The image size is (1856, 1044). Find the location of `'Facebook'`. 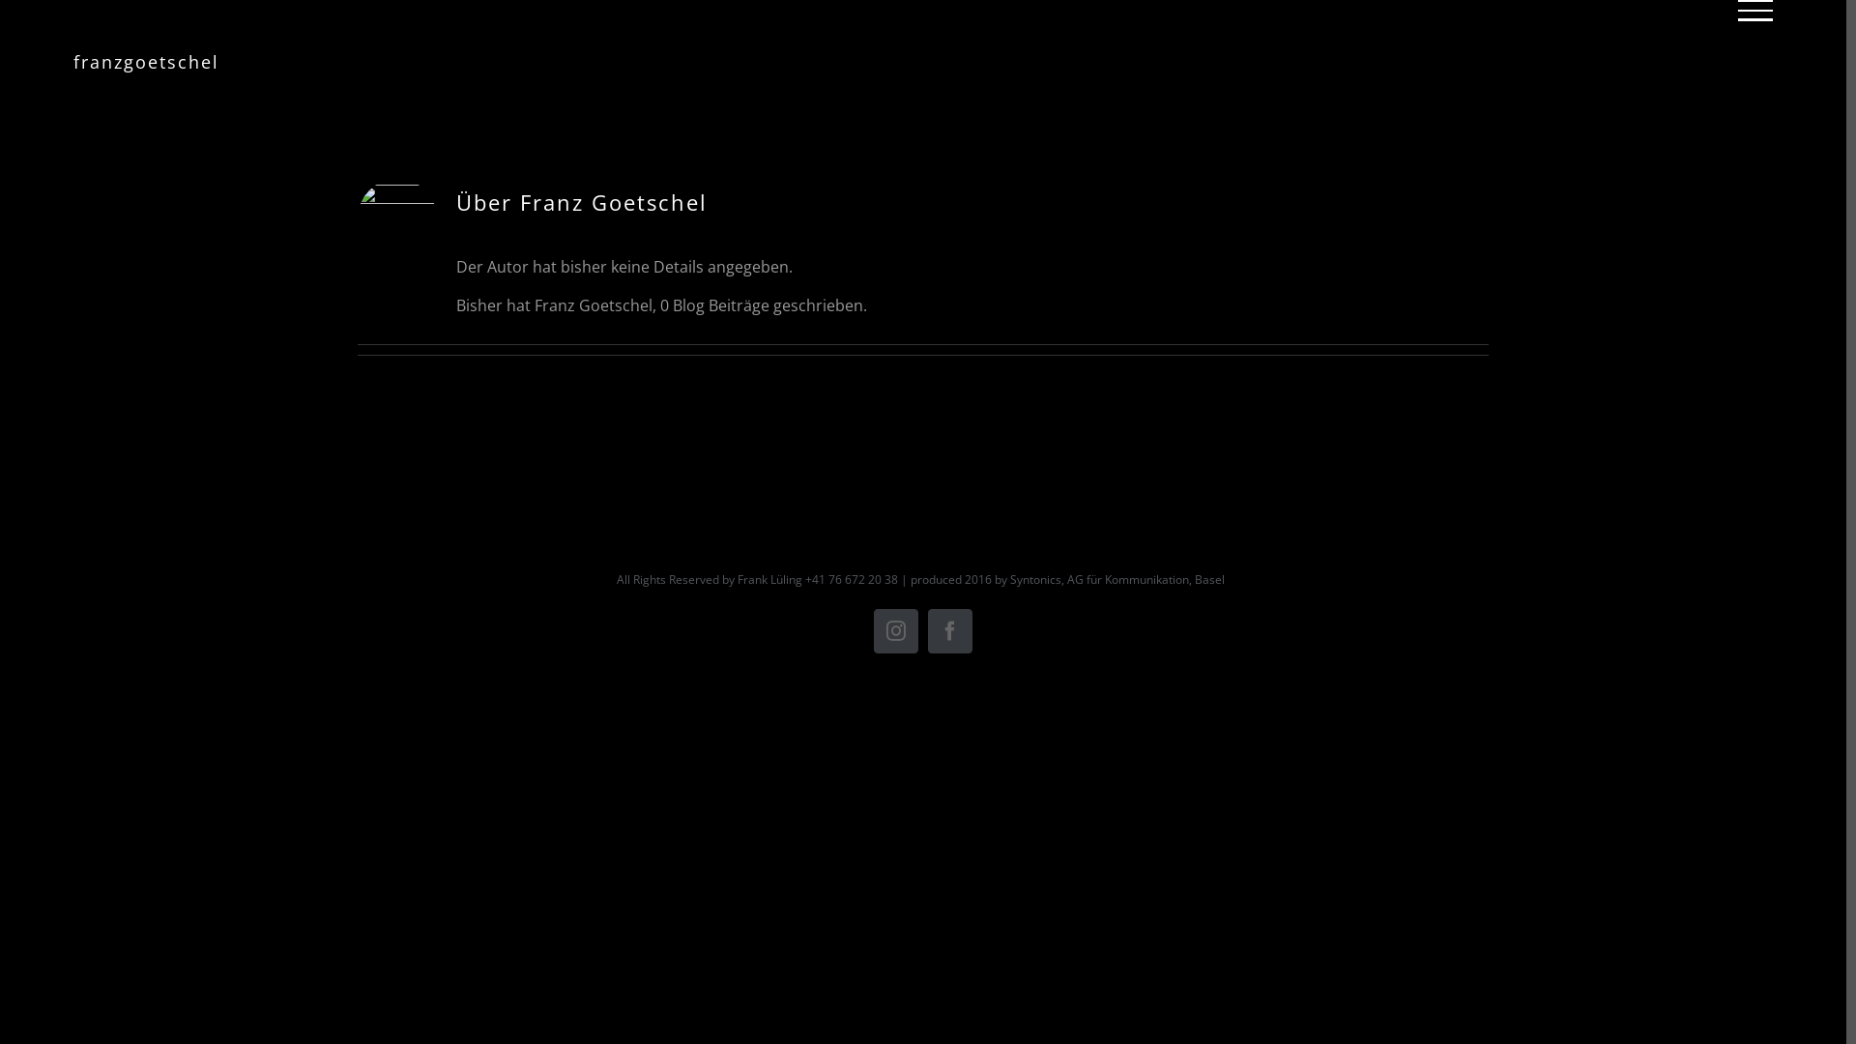

'Facebook' is located at coordinates (950, 630).